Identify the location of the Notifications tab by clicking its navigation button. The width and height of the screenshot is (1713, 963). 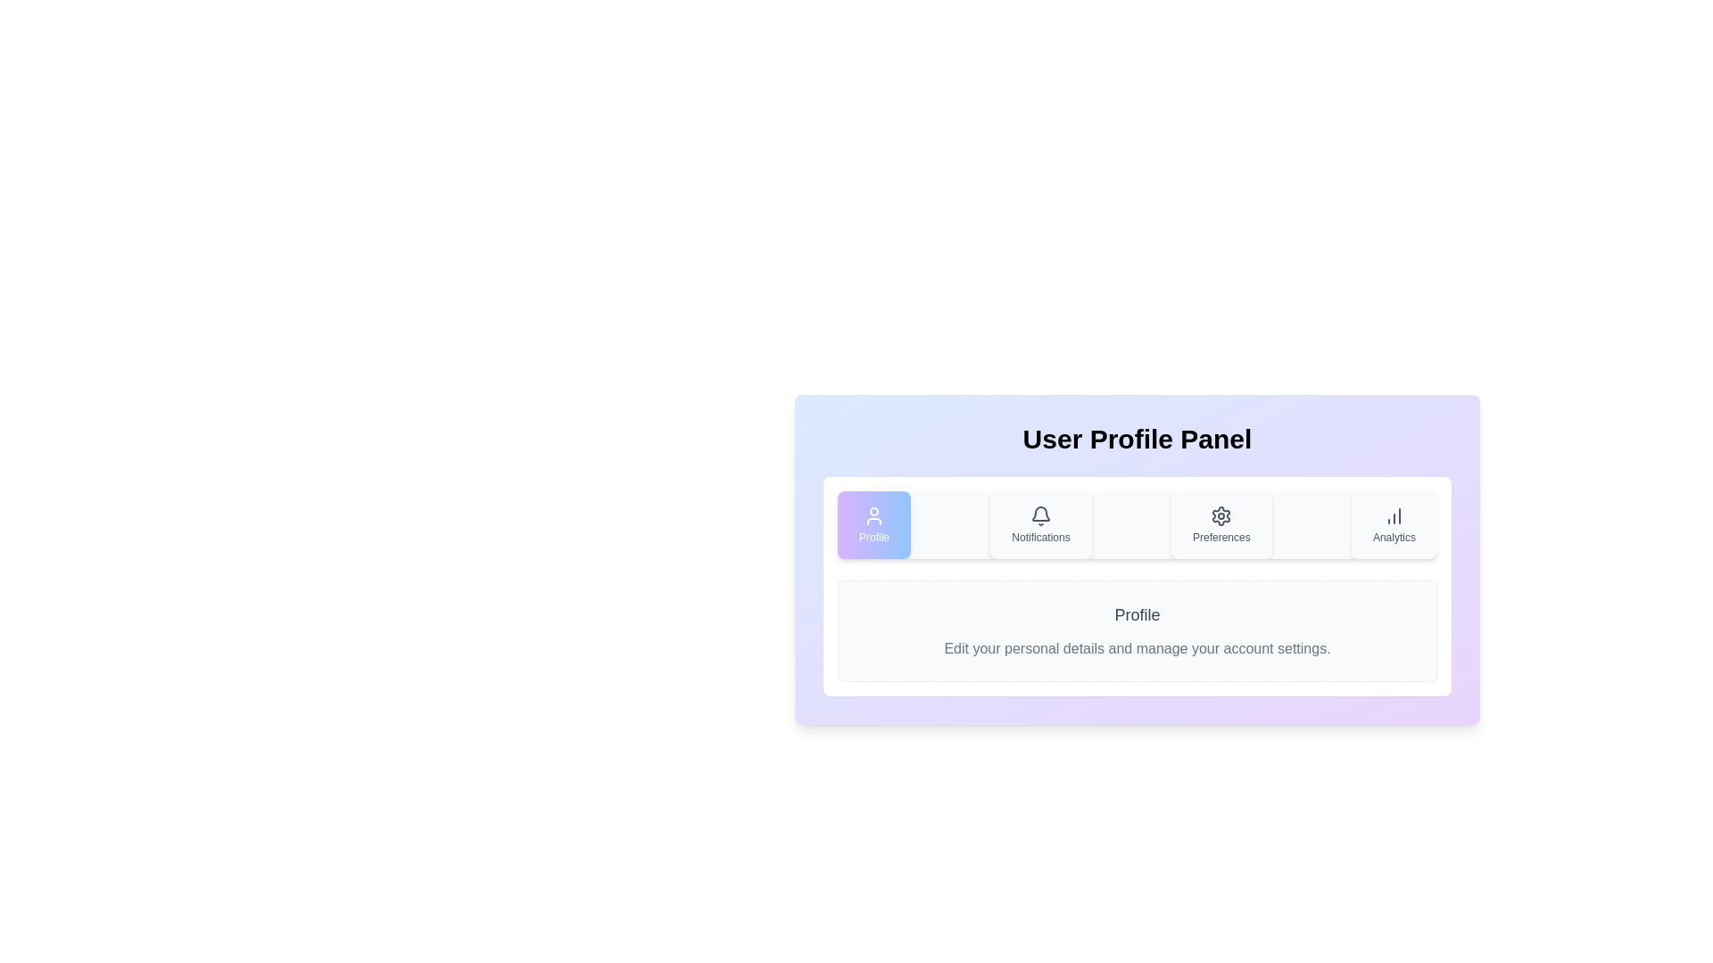
(1040, 524).